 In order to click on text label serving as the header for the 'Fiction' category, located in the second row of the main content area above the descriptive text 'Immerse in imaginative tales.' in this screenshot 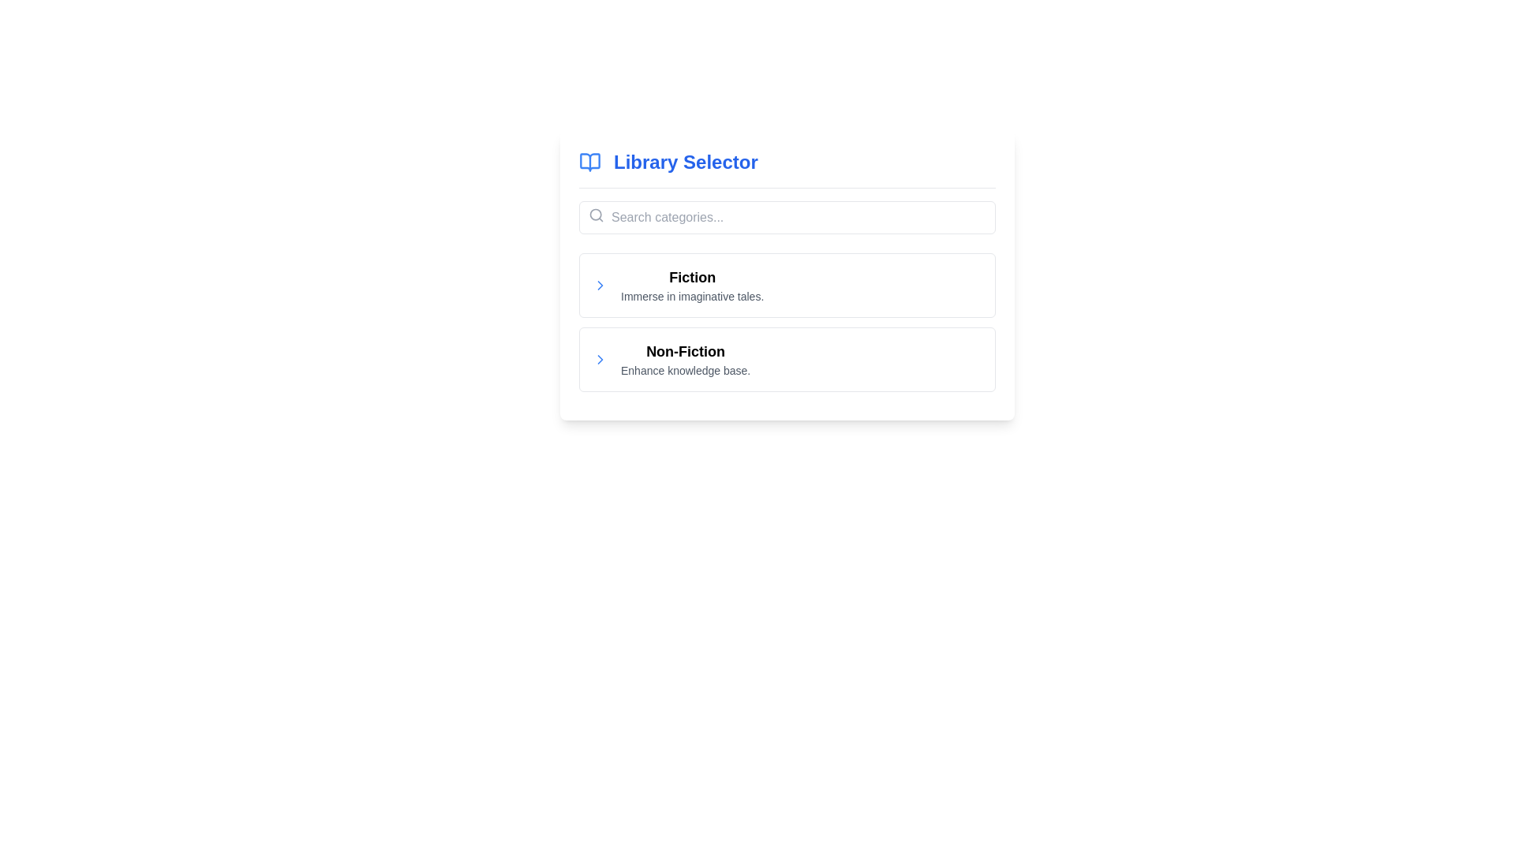, I will do `click(692, 276)`.